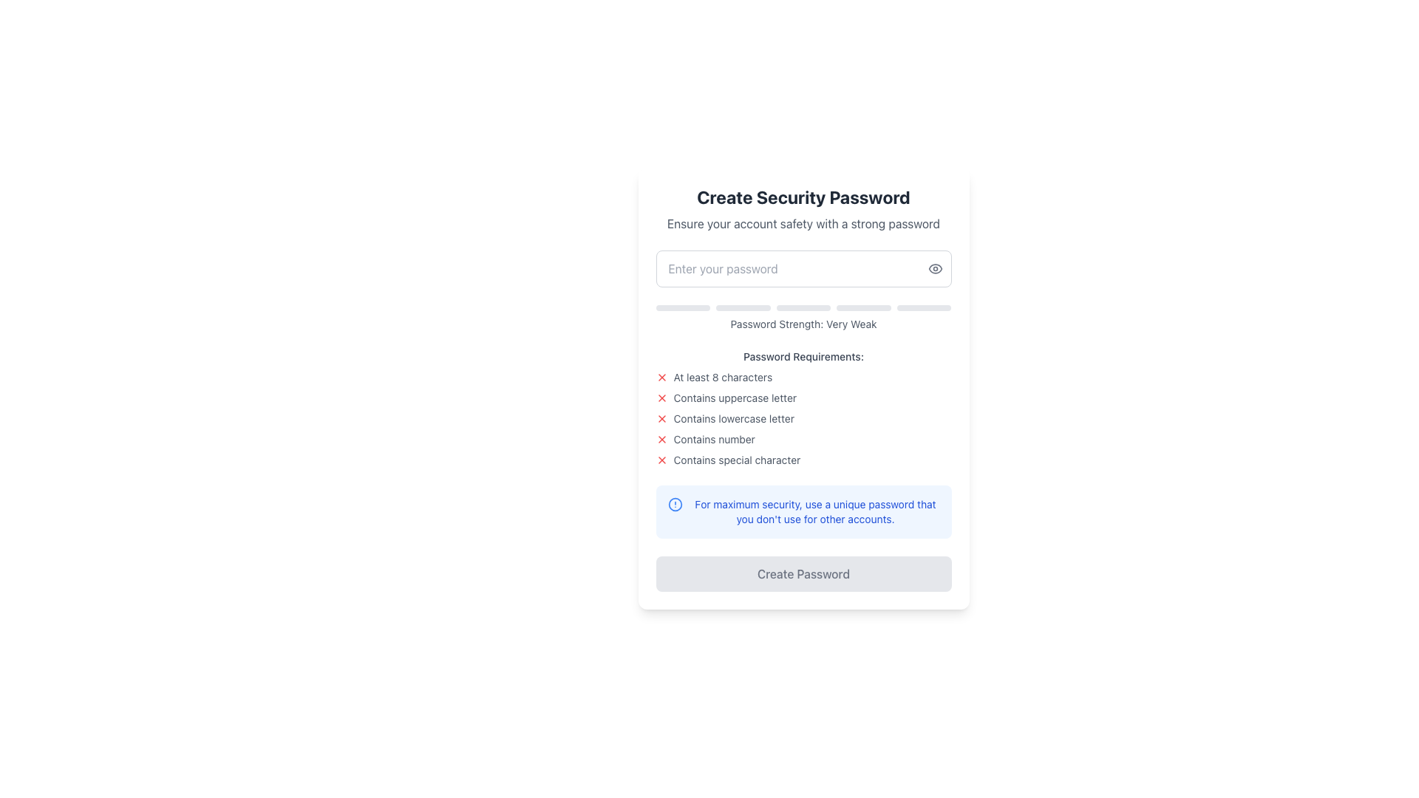  I want to click on the text label displaying 'Contains uppercase letter', which is the second item in the password requirement list and is located to the right of a red-colored cross icon, so click(735, 398).